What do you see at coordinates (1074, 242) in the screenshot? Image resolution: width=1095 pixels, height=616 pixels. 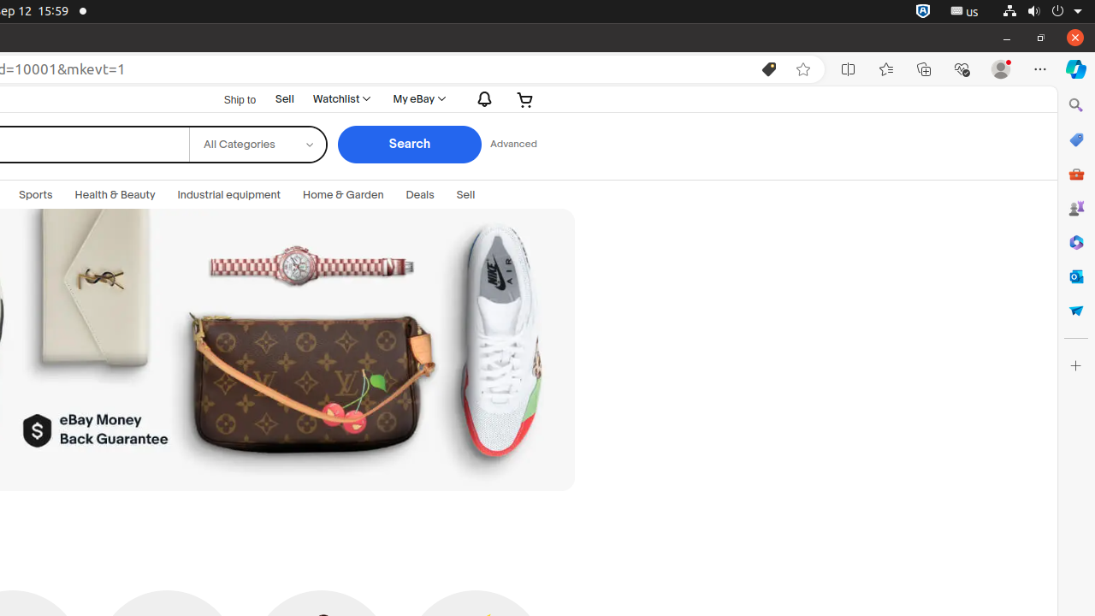 I see `'Microsoft 365'` at bounding box center [1074, 242].